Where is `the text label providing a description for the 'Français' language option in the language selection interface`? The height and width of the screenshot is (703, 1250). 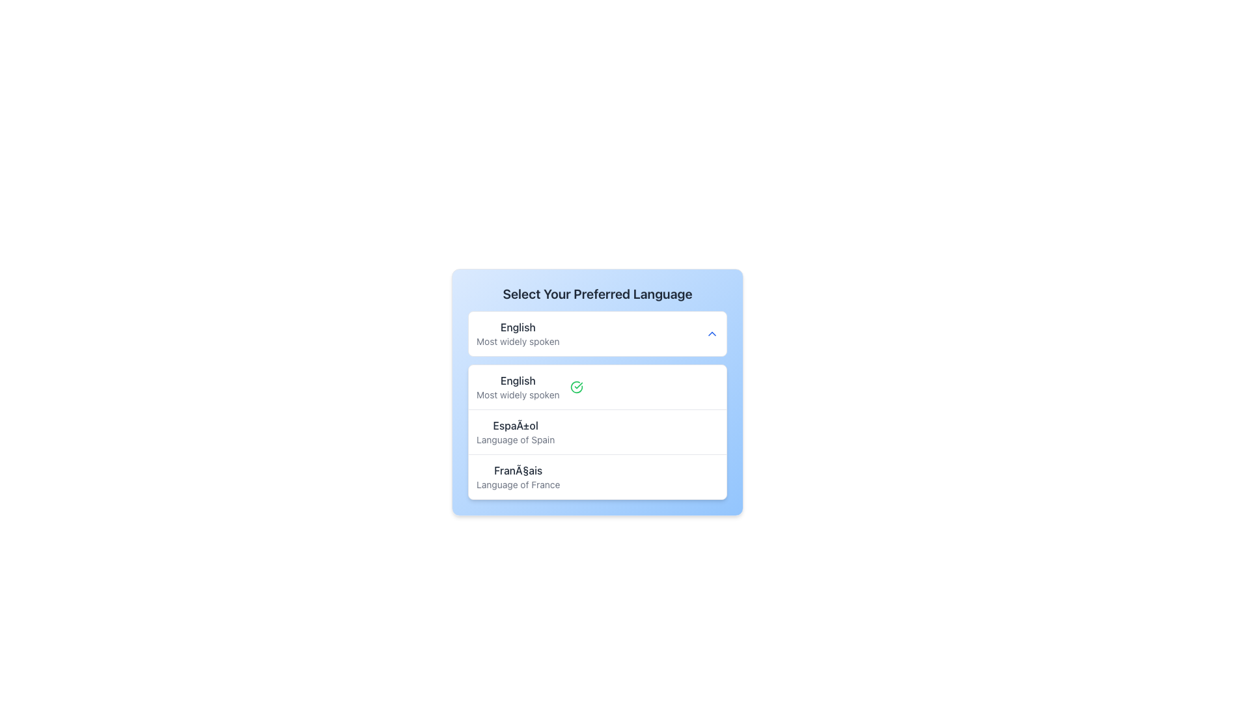
the text label providing a description for the 'Français' language option in the language selection interface is located at coordinates (518, 484).